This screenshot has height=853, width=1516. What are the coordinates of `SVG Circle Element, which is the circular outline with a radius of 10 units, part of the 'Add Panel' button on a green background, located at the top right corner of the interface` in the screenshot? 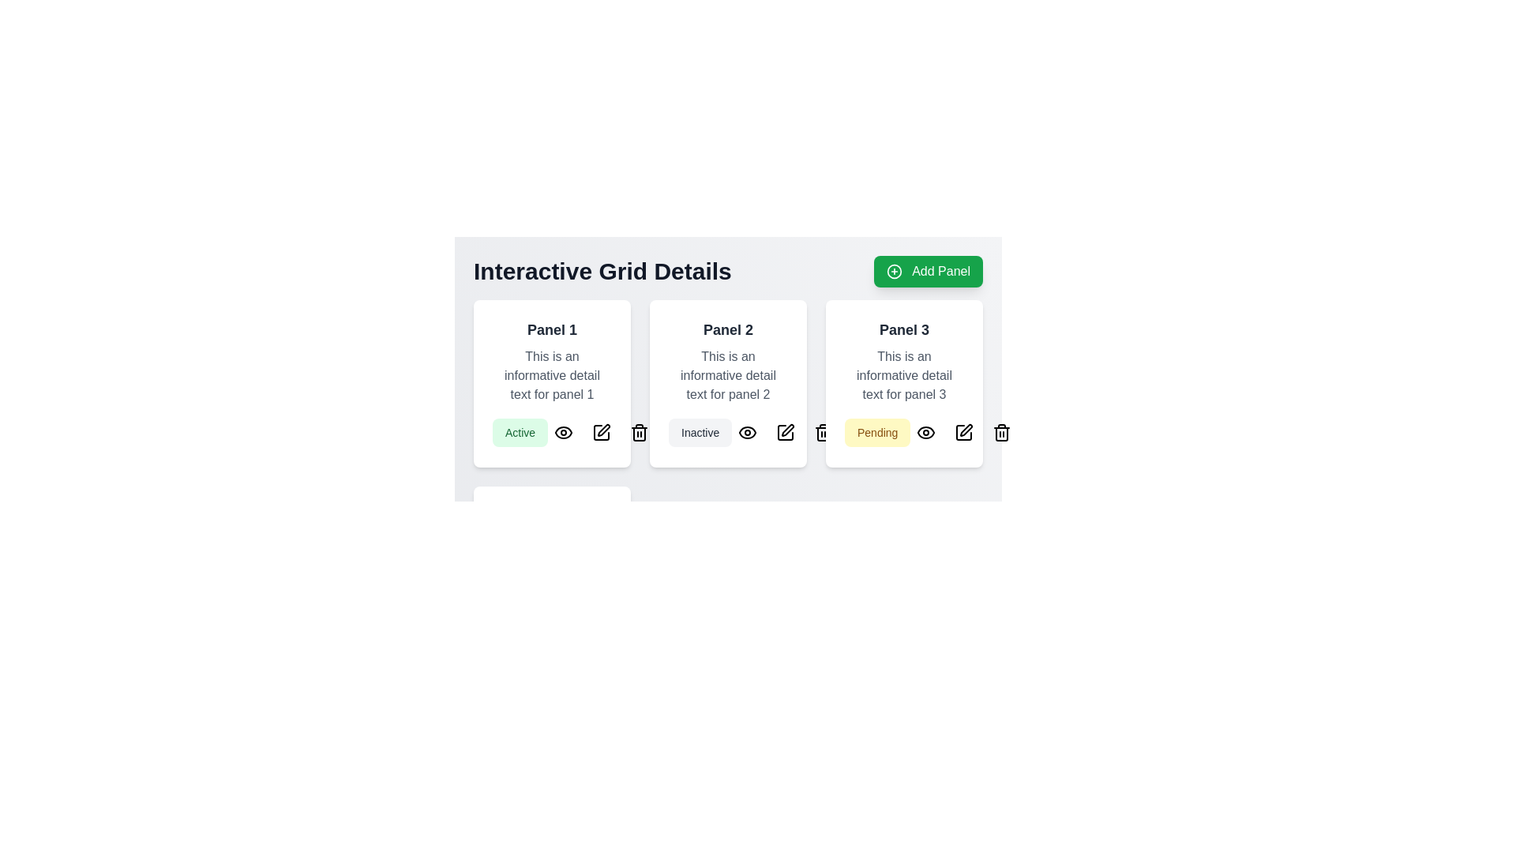 It's located at (895, 270).